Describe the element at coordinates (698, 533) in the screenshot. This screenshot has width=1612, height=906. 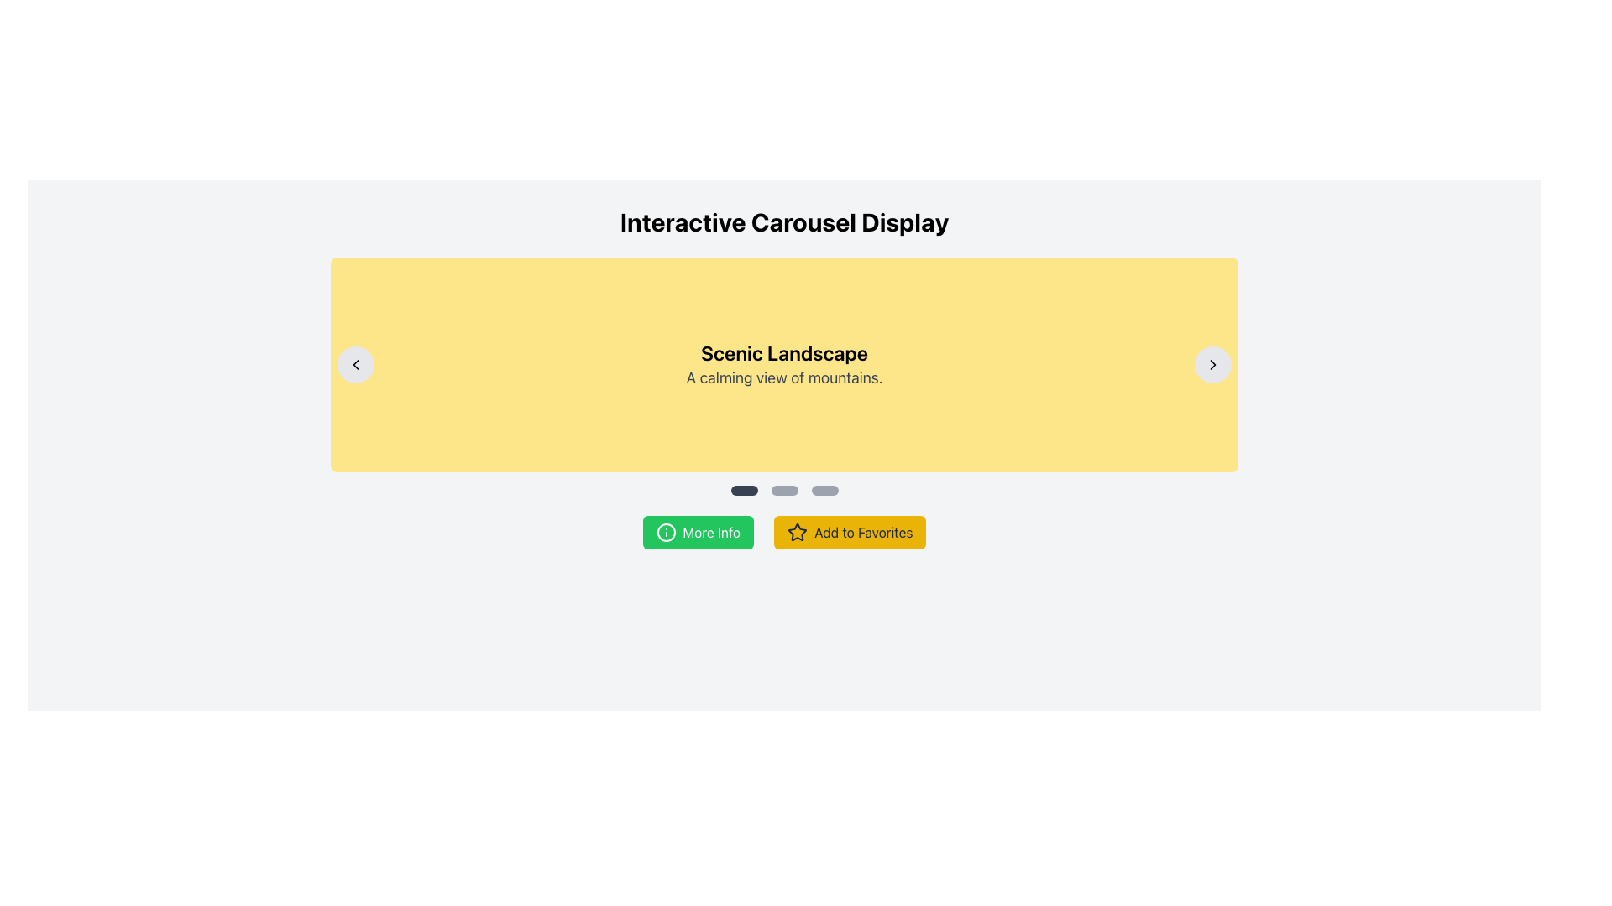
I see `the leftmost button below the carousel display` at that location.